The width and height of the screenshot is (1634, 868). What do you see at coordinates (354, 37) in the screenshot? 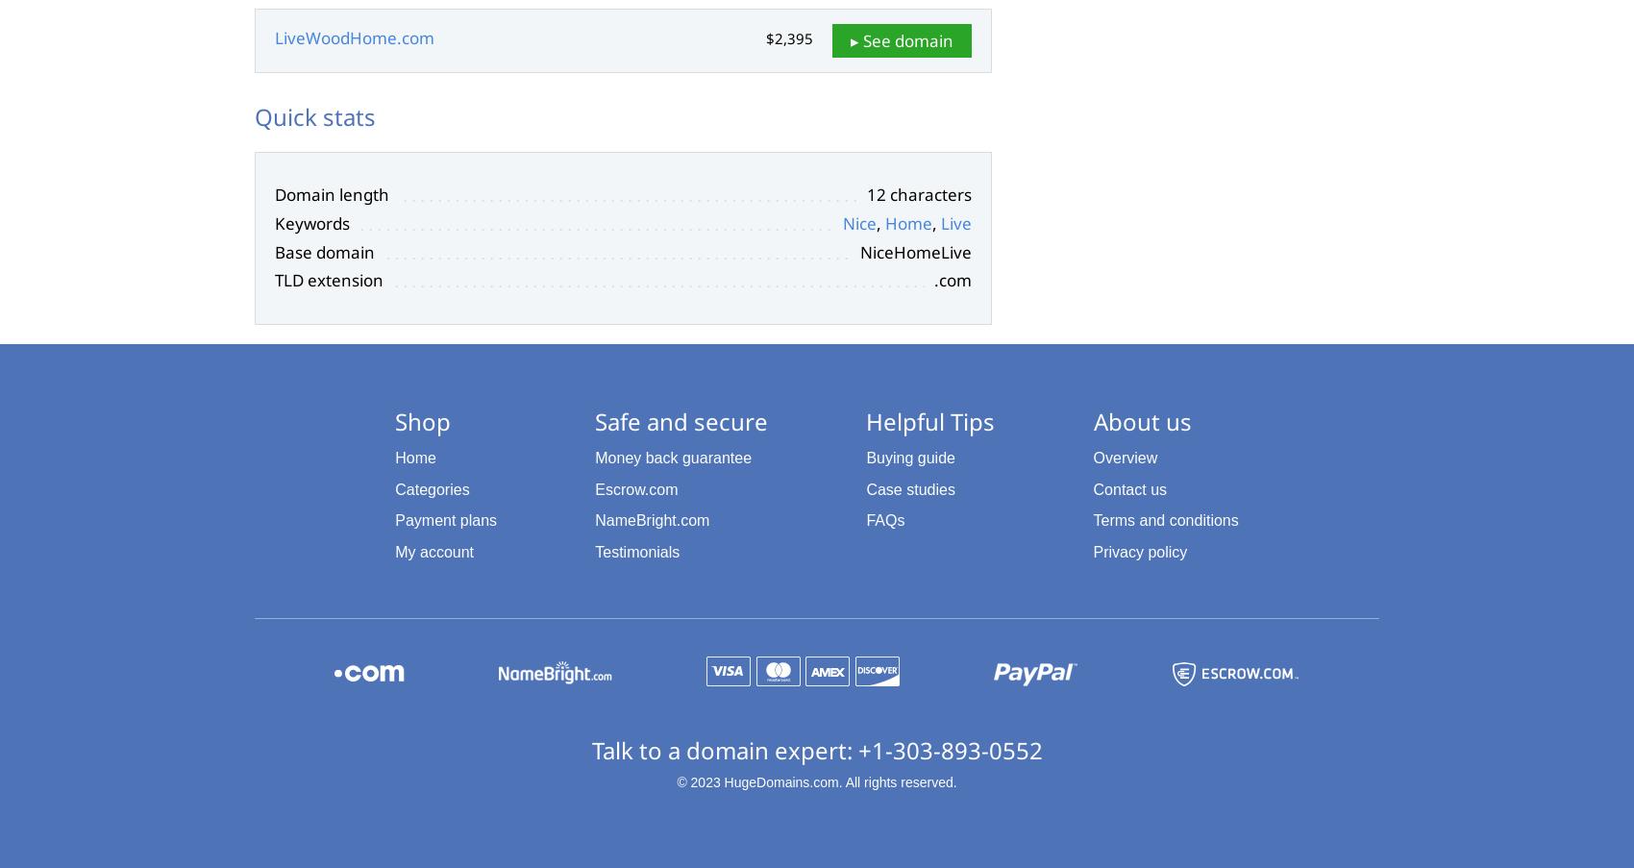
I see `'LiveWoodHome.com'` at bounding box center [354, 37].